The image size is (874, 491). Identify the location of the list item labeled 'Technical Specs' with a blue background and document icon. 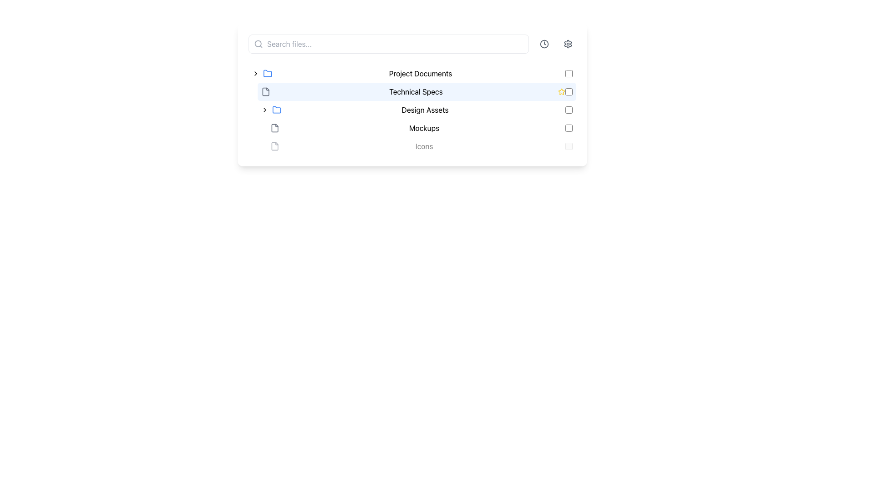
(412, 91).